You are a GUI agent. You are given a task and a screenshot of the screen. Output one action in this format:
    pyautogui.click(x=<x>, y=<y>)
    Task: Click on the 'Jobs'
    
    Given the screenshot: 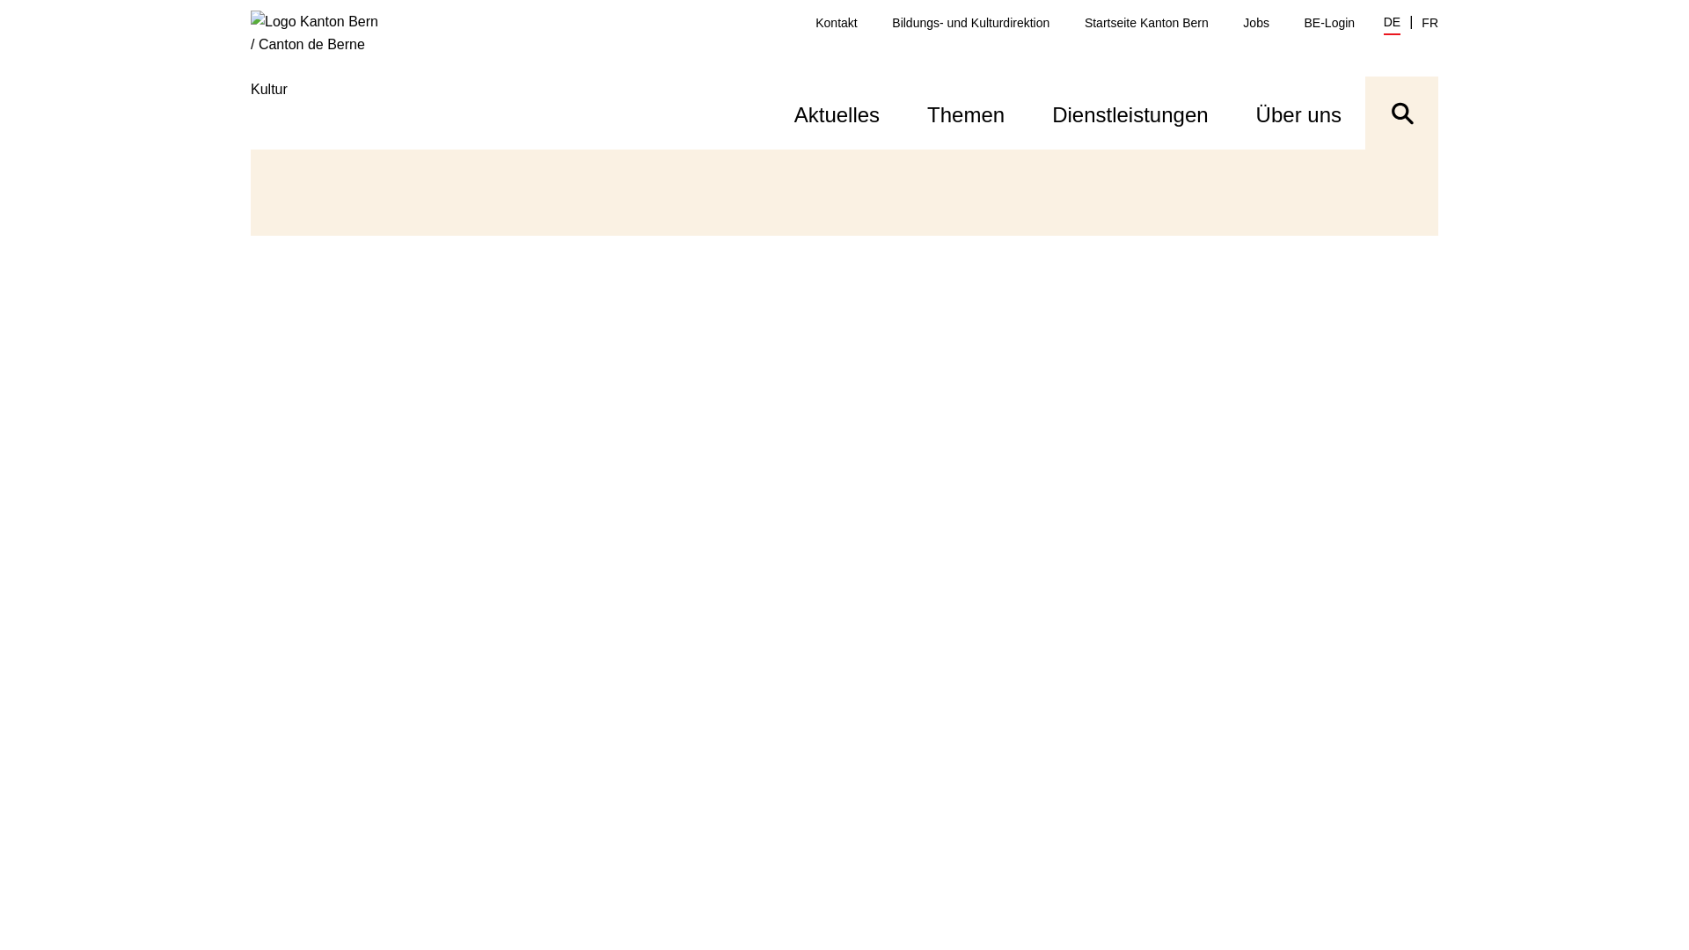 What is the action you would take?
    pyautogui.click(x=1255, y=23)
    